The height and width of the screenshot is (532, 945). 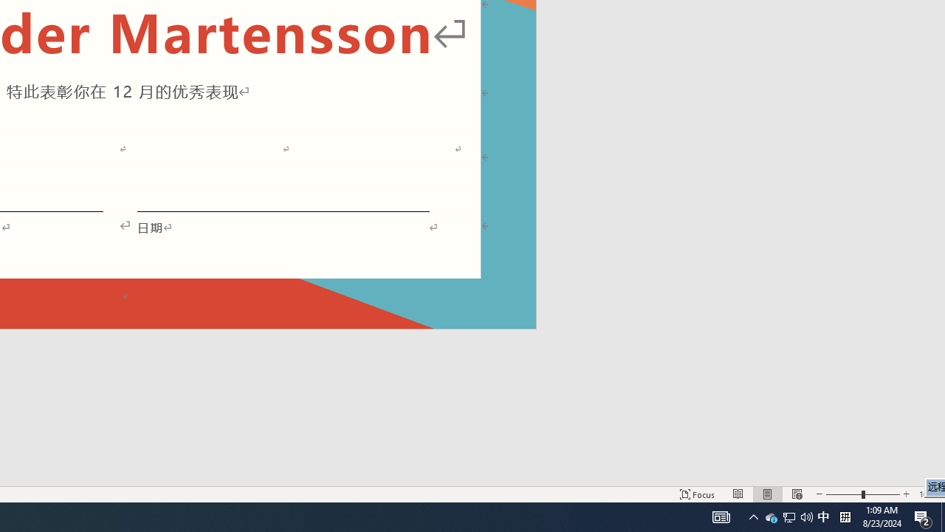 What do you see at coordinates (768, 494) in the screenshot?
I see `'Print Layout'` at bounding box center [768, 494].